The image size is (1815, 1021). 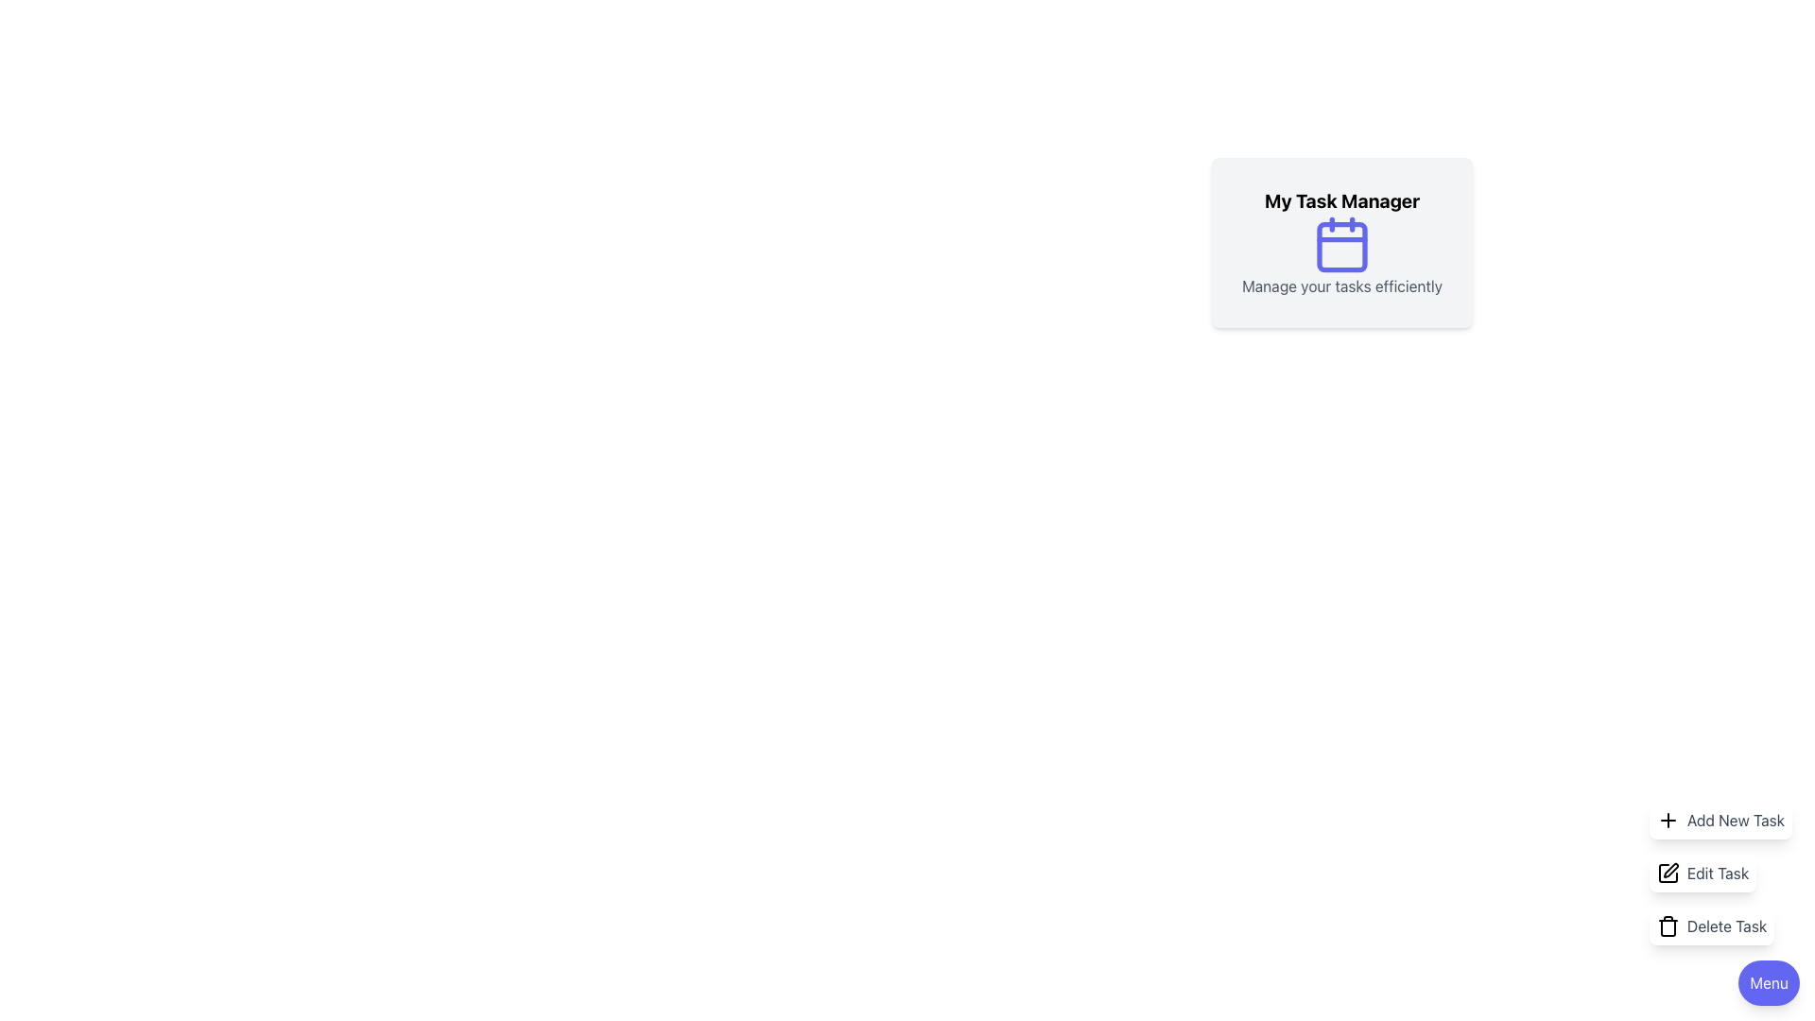 I want to click on the 'Menu' button, which is a rounded purple icon with white text, located at the bottom-right corner of the interface beneath other action buttons in a floating menu panel to trigger visual feedback, so click(x=1768, y=982).